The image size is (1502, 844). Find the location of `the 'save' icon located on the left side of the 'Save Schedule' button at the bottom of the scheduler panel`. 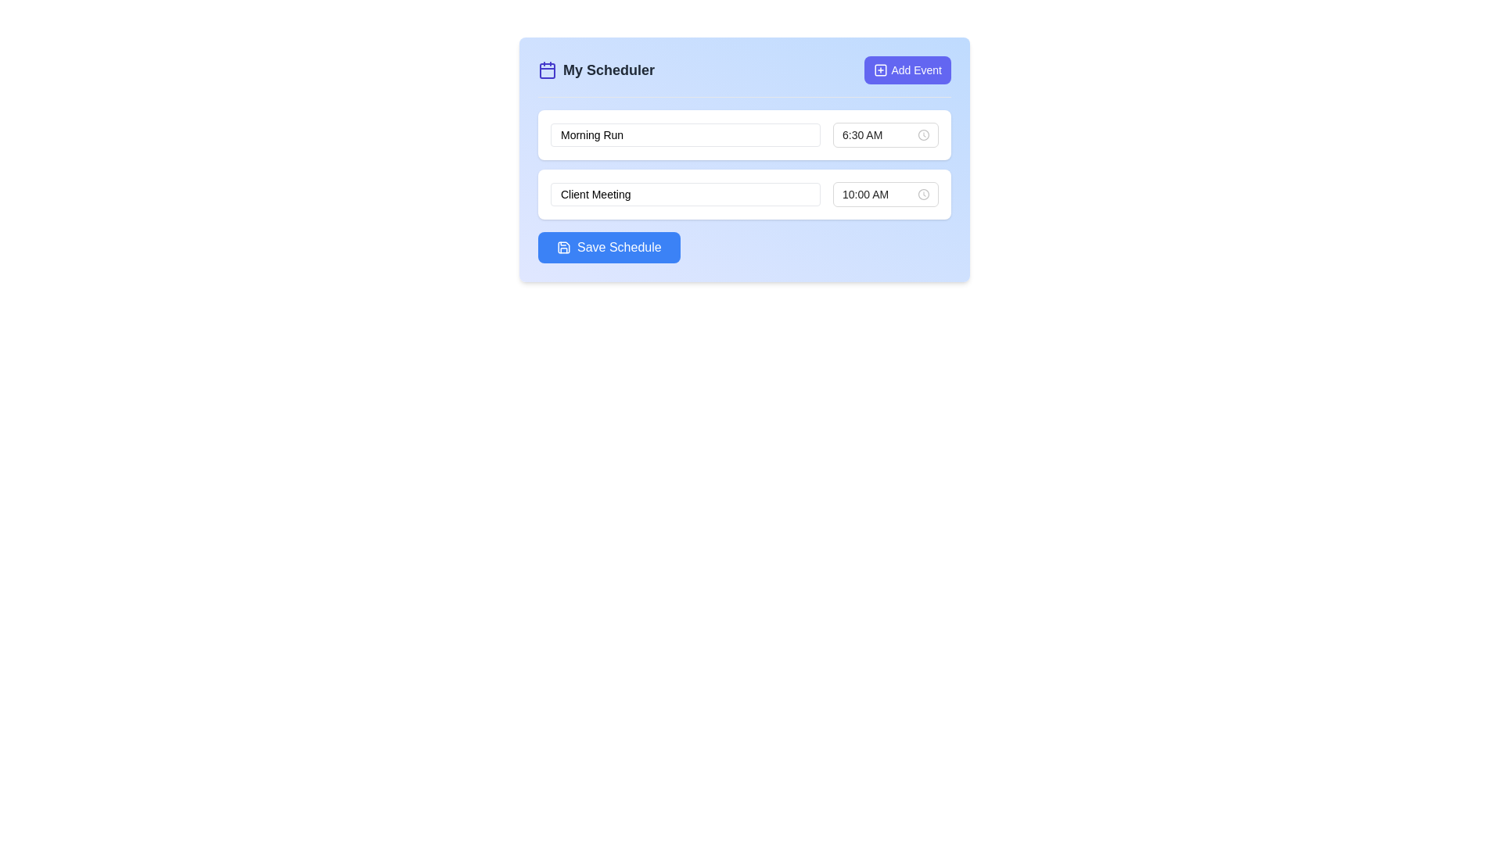

the 'save' icon located on the left side of the 'Save Schedule' button at the bottom of the scheduler panel is located at coordinates (563, 246).